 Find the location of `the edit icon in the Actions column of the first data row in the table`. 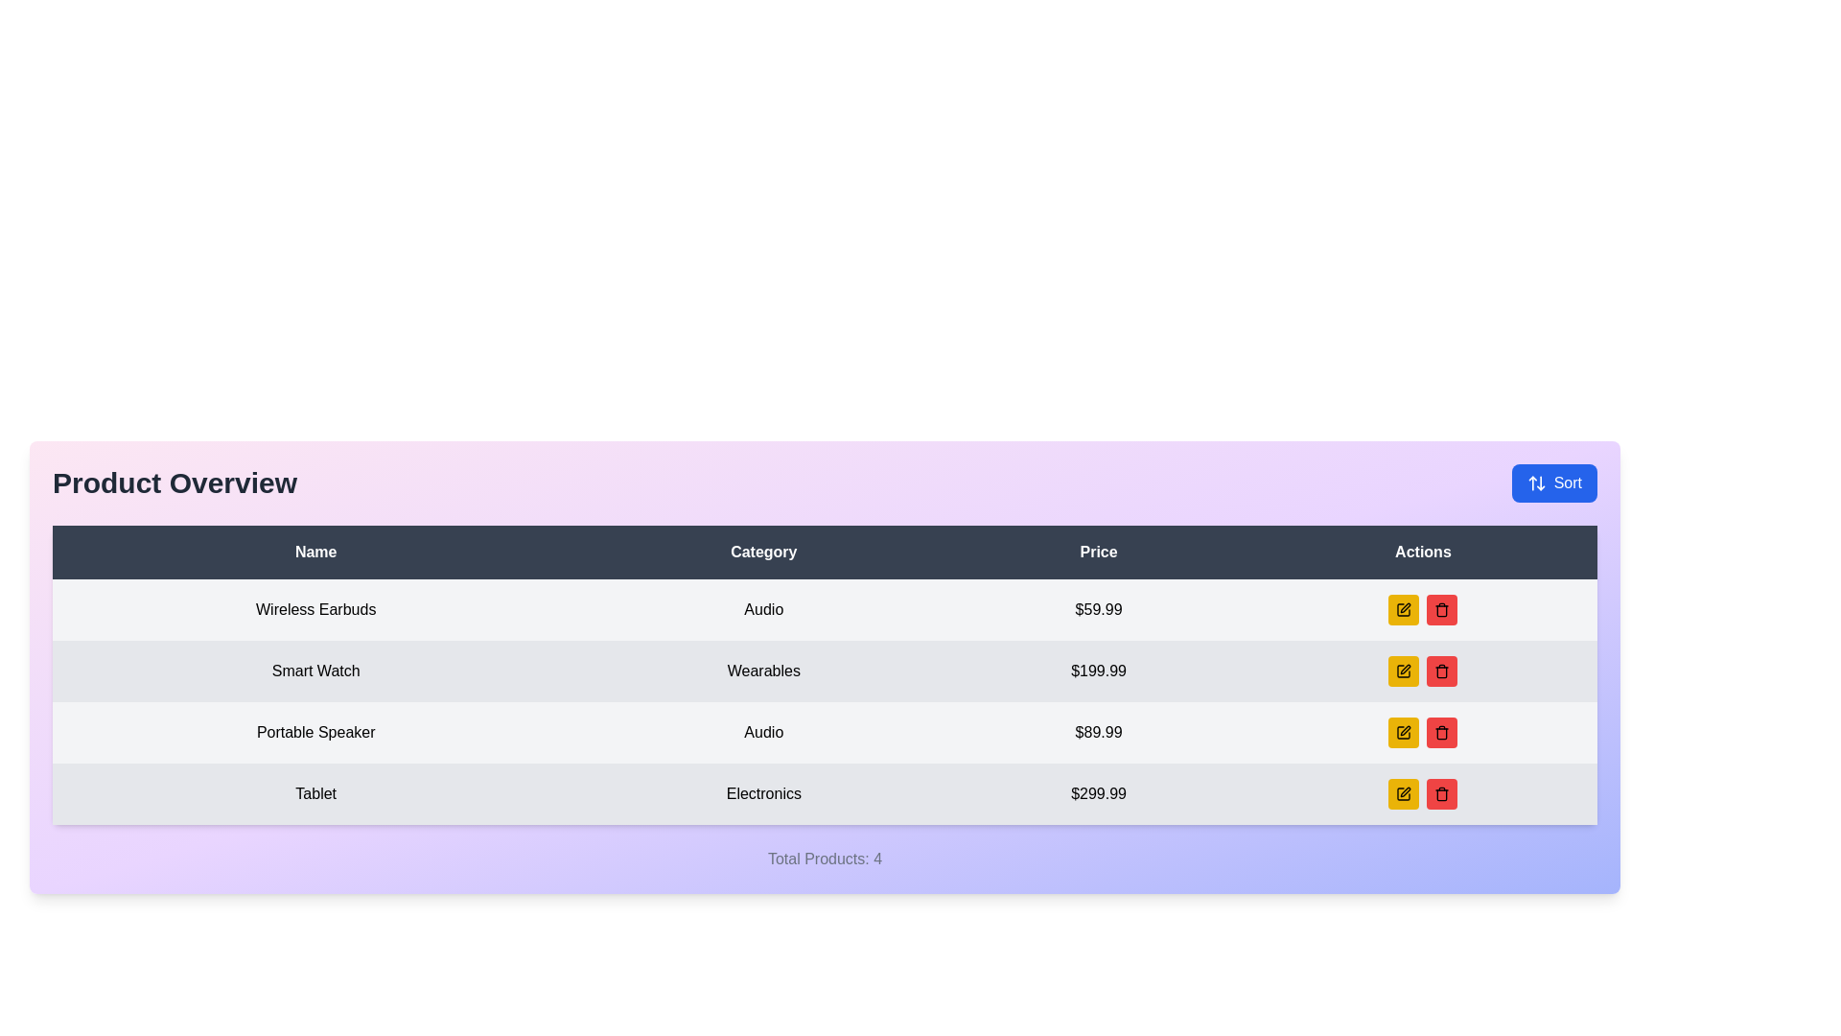

the edit icon in the Actions column of the first data row in the table is located at coordinates (1404, 610).